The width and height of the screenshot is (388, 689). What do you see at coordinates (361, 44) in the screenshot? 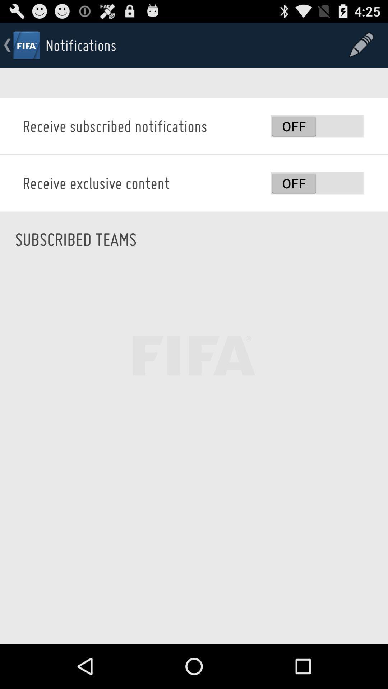
I see `the app next to the notifications item` at bounding box center [361, 44].